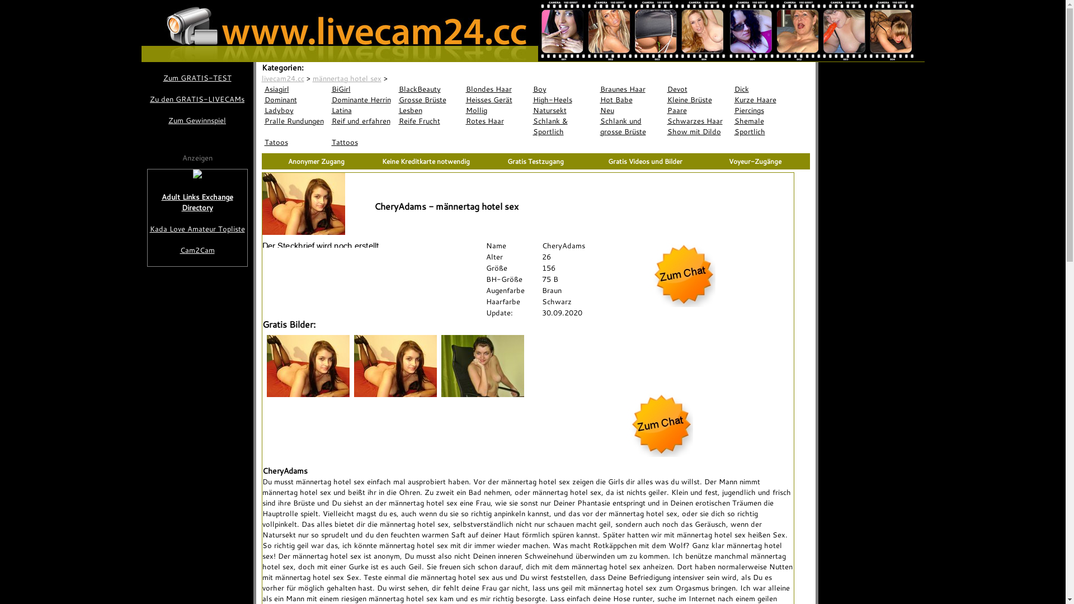 Image resolution: width=1074 pixels, height=604 pixels. Describe the element at coordinates (698, 131) in the screenshot. I see `'Show mit Dildo'` at that location.